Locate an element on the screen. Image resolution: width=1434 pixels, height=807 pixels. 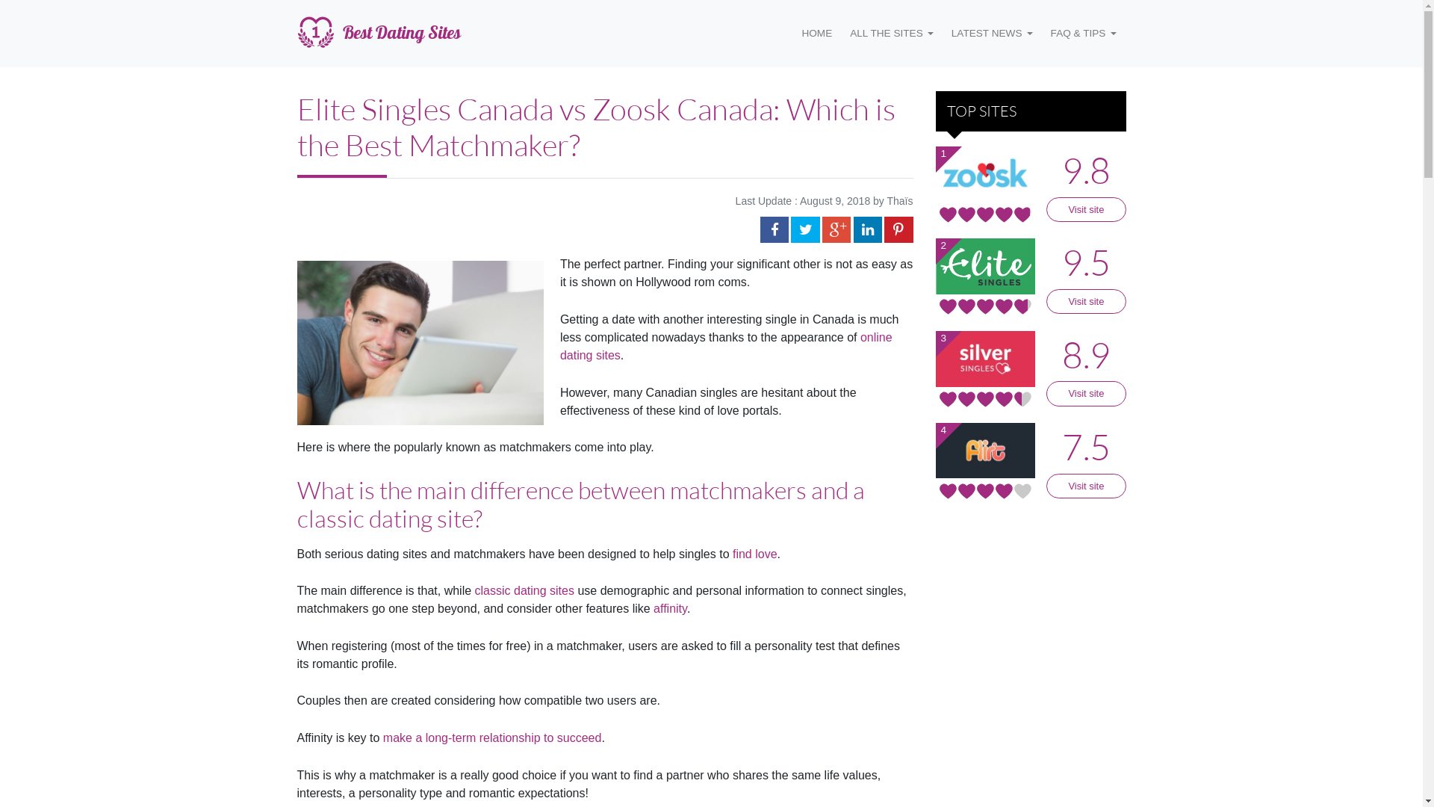
'make a long-term relationship to succeed' is located at coordinates (492, 737).